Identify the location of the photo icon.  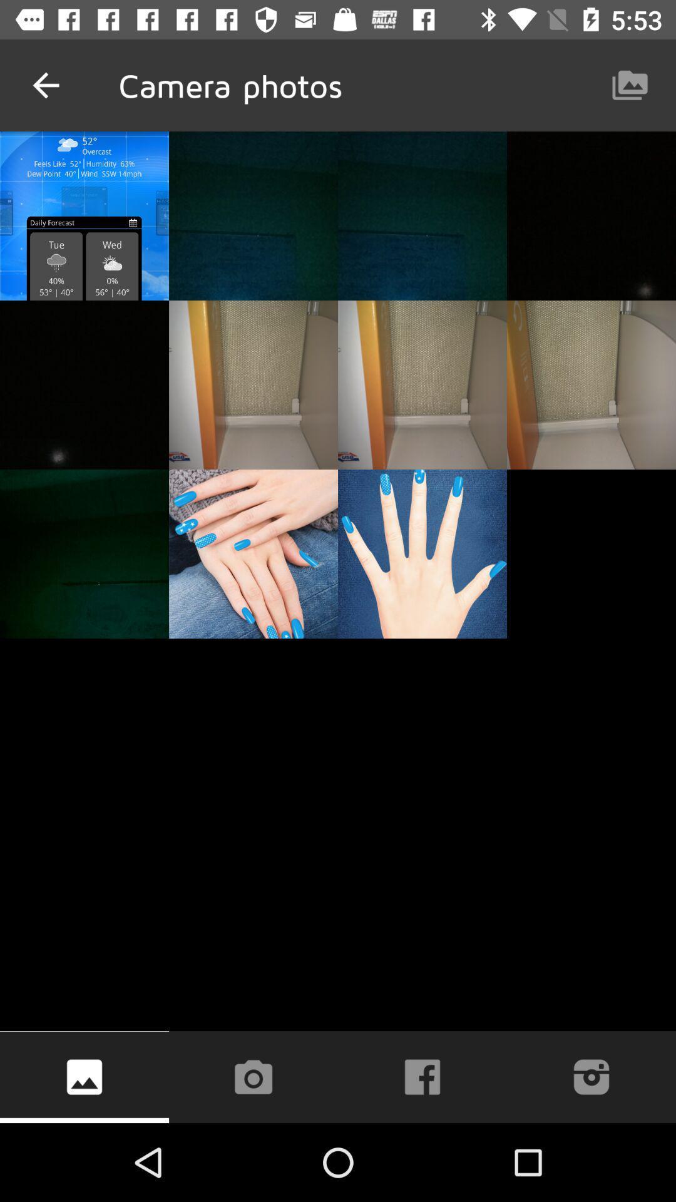
(591, 1076).